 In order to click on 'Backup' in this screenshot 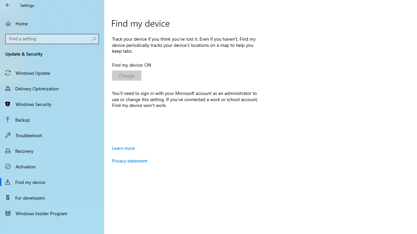, I will do `click(52, 119)`.